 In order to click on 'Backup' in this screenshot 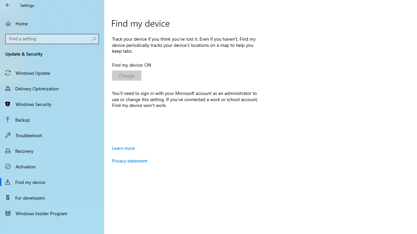, I will do `click(52, 119)`.